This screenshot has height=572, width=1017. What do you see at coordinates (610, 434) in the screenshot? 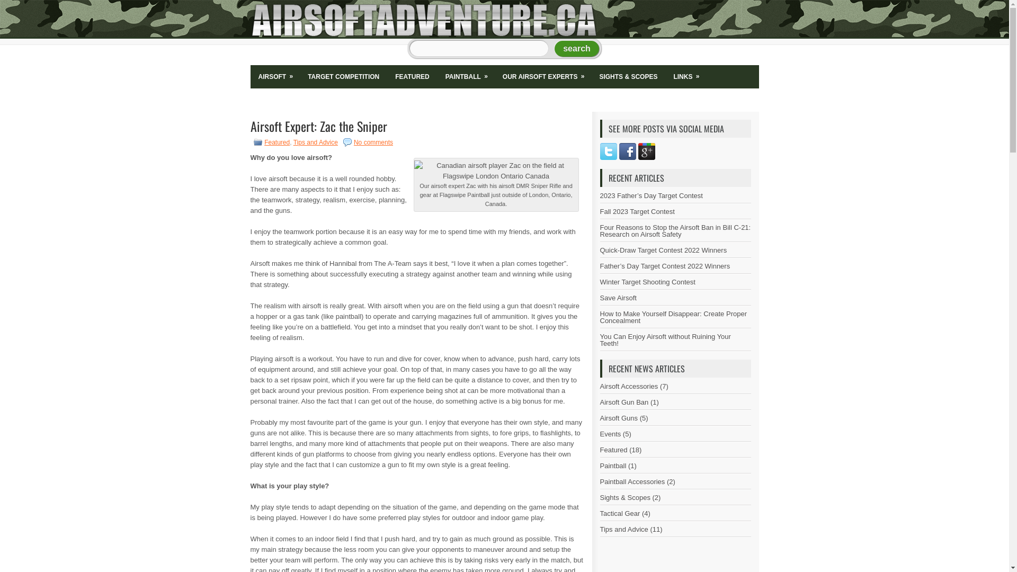
I see `'Events'` at bounding box center [610, 434].